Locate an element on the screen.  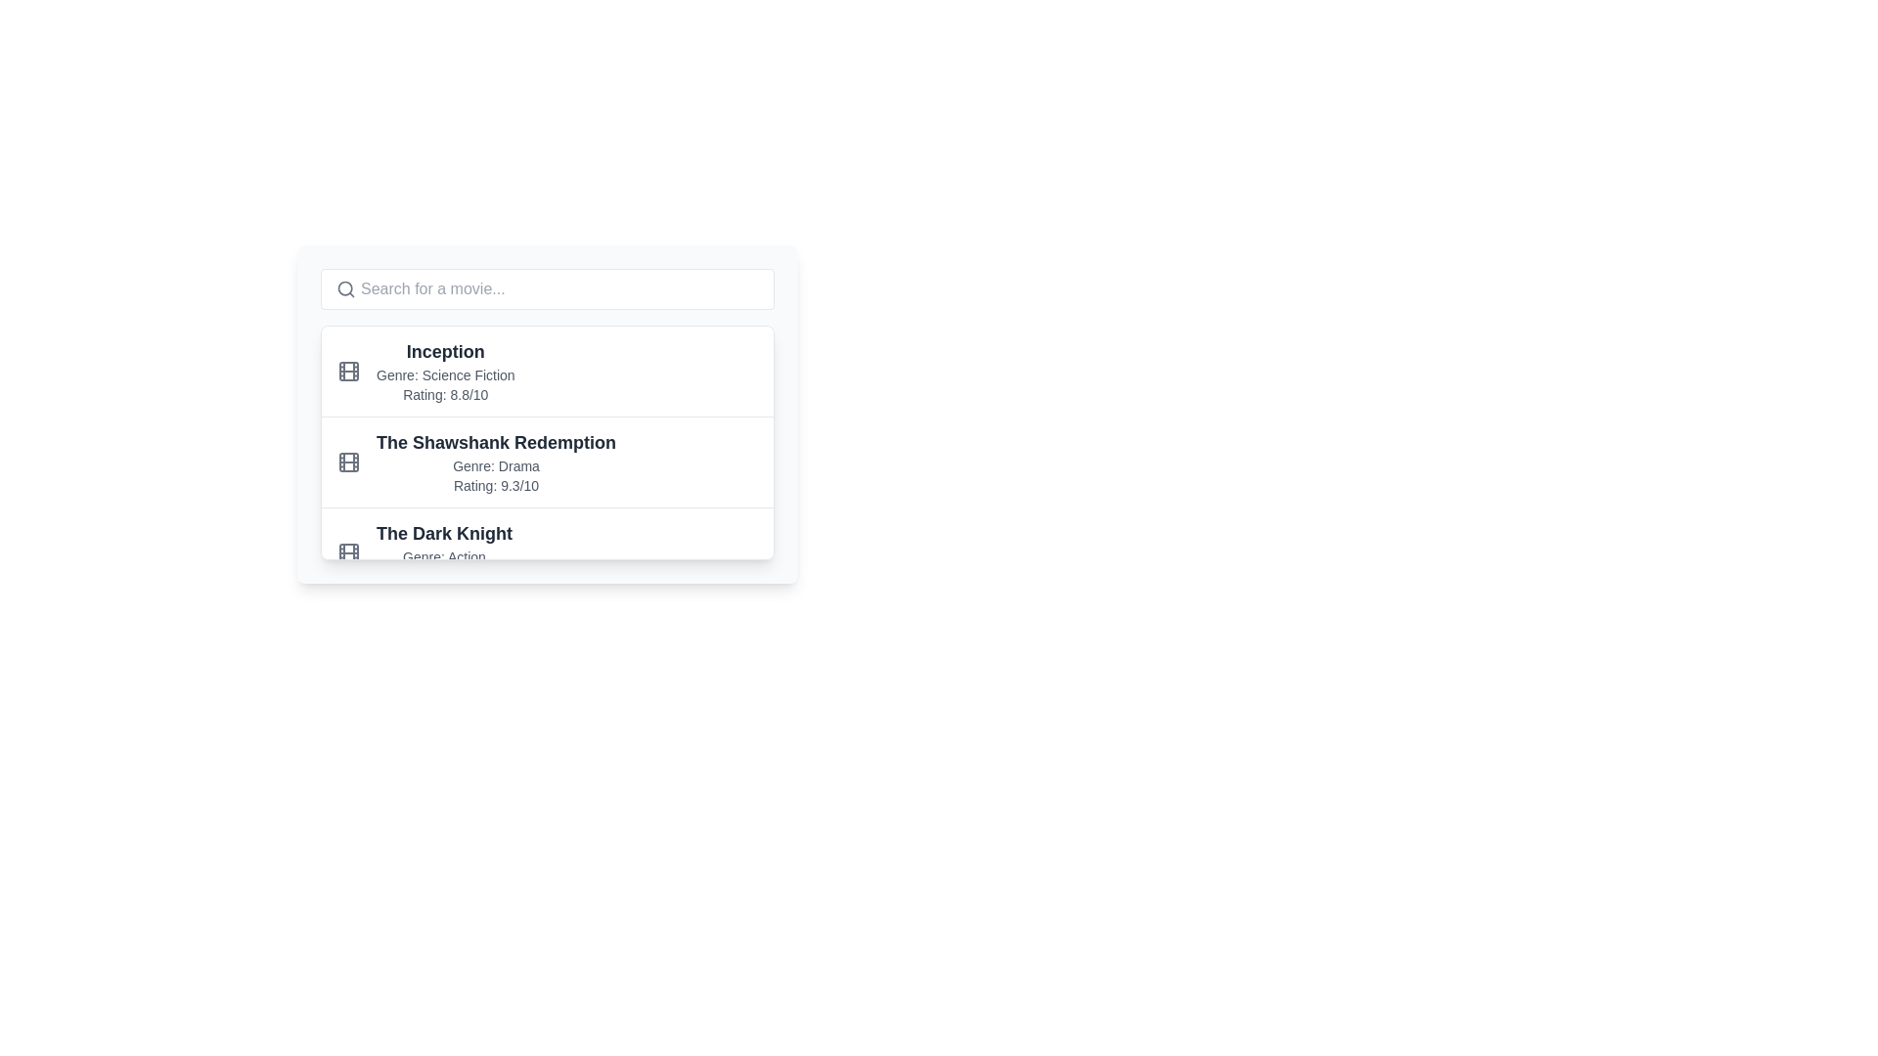
the graphical decorative element that is a rectangle with slightly rounded corners, part of the film icon located to the left of the movie title 'Inception' is located at coordinates (348, 372).